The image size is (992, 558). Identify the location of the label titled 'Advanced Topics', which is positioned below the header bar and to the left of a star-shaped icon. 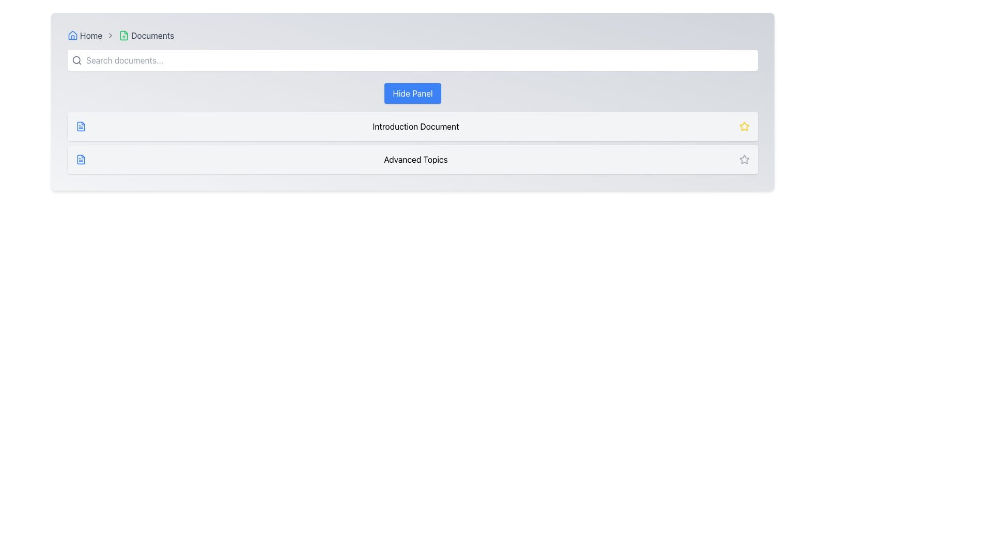
(416, 159).